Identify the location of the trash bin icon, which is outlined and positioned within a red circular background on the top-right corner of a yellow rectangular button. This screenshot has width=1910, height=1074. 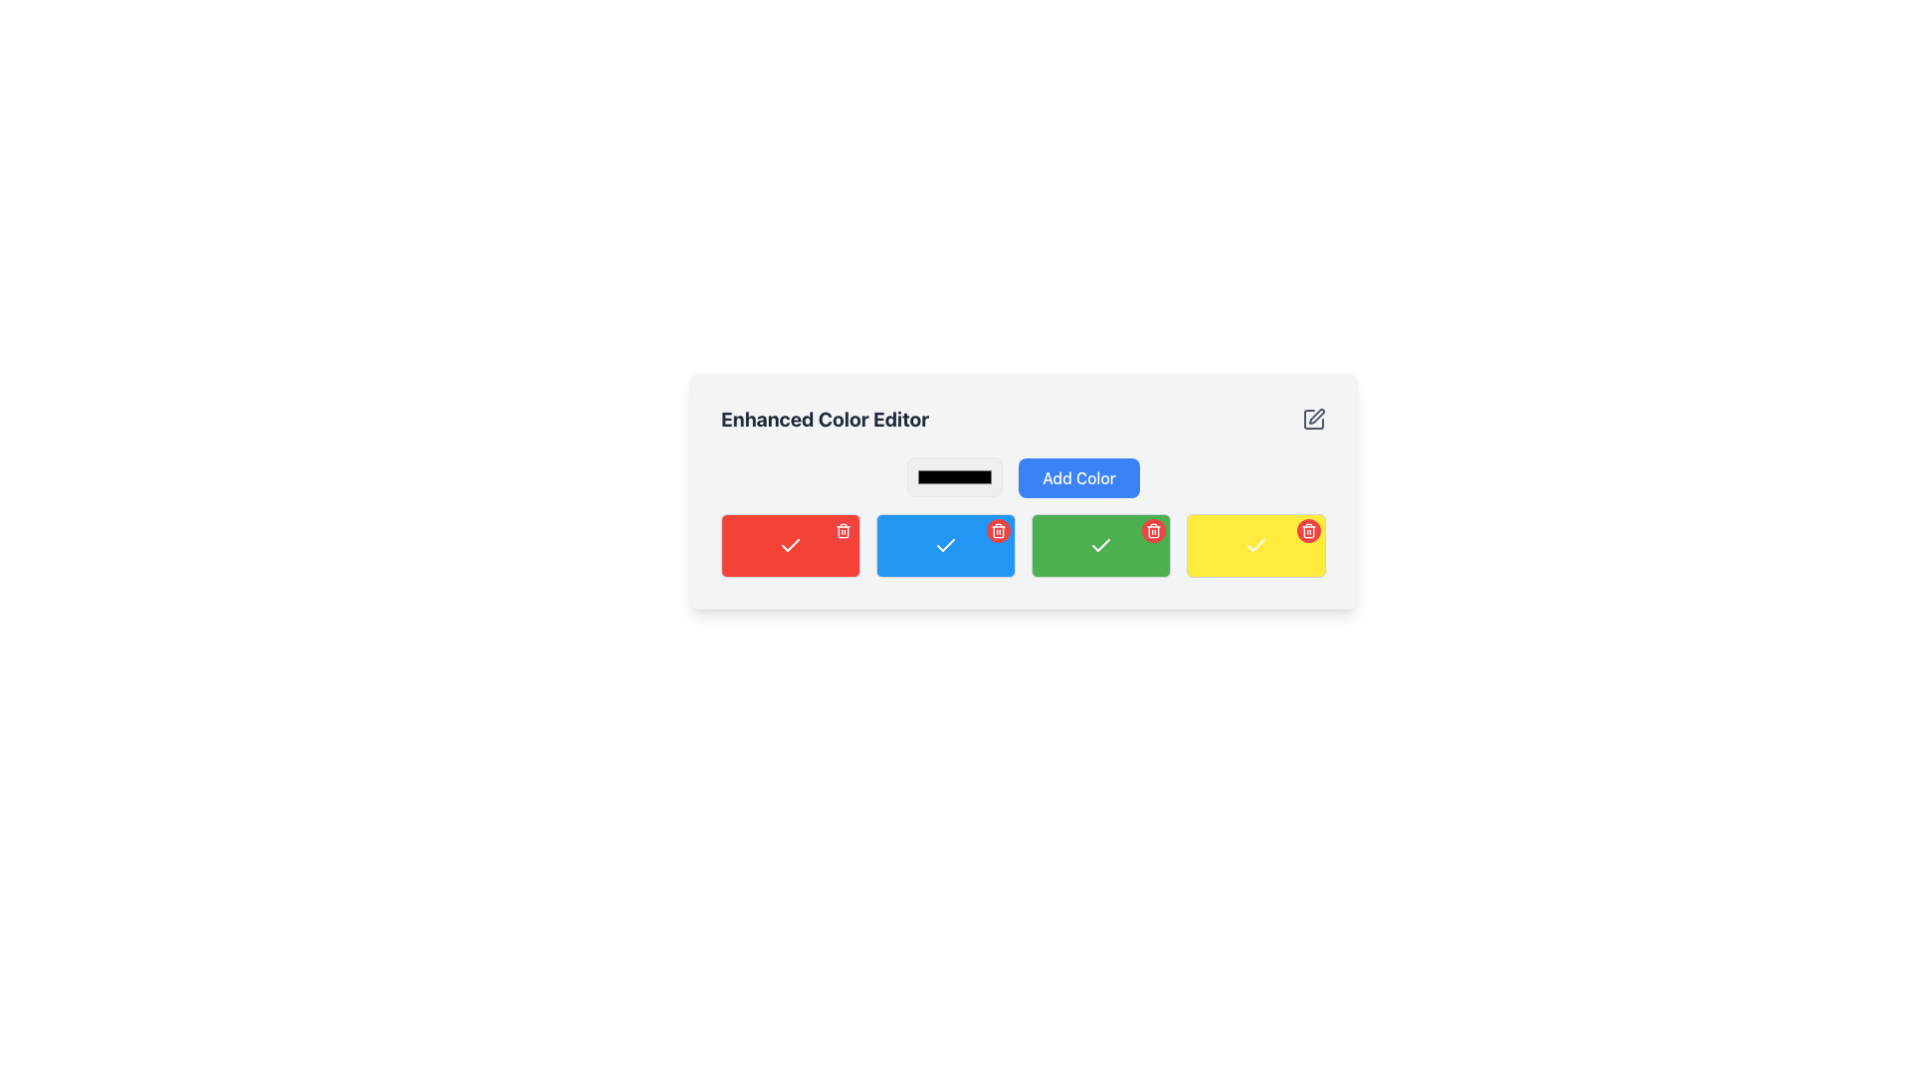
(1308, 529).